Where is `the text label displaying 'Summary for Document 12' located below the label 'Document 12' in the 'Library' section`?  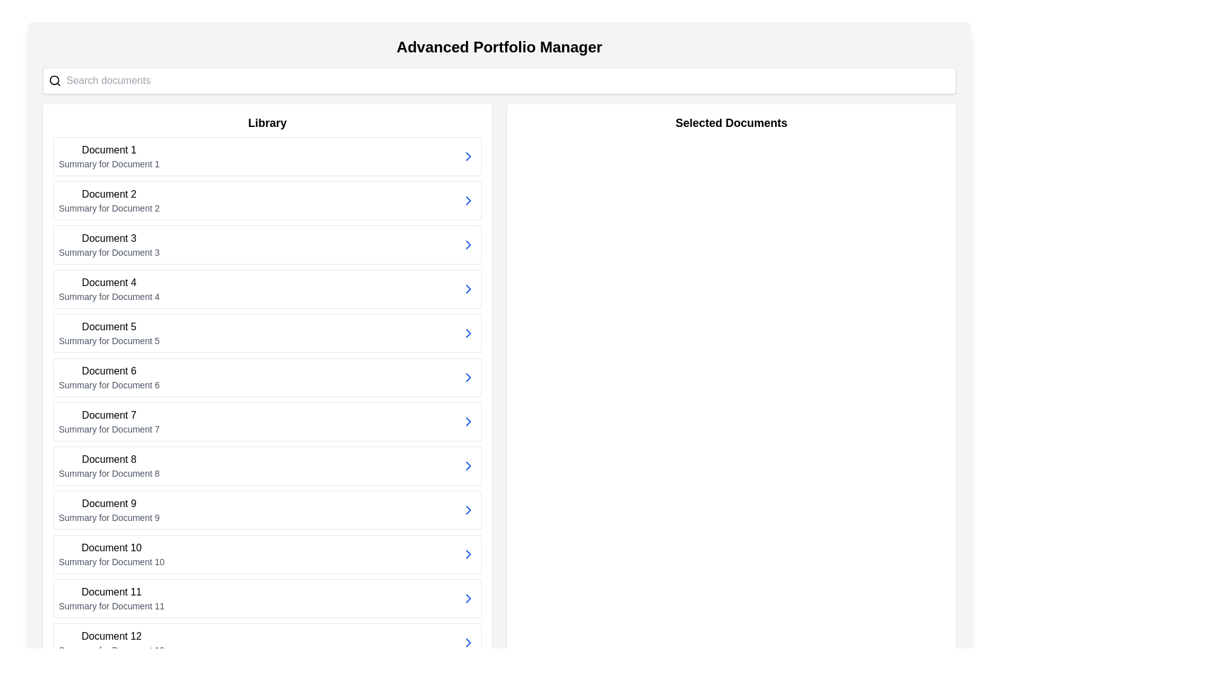 the text label displaying 'Summary for Document 12' located below the label 'Document 12' in the 'Library' section is located at coordinates (111, 650).